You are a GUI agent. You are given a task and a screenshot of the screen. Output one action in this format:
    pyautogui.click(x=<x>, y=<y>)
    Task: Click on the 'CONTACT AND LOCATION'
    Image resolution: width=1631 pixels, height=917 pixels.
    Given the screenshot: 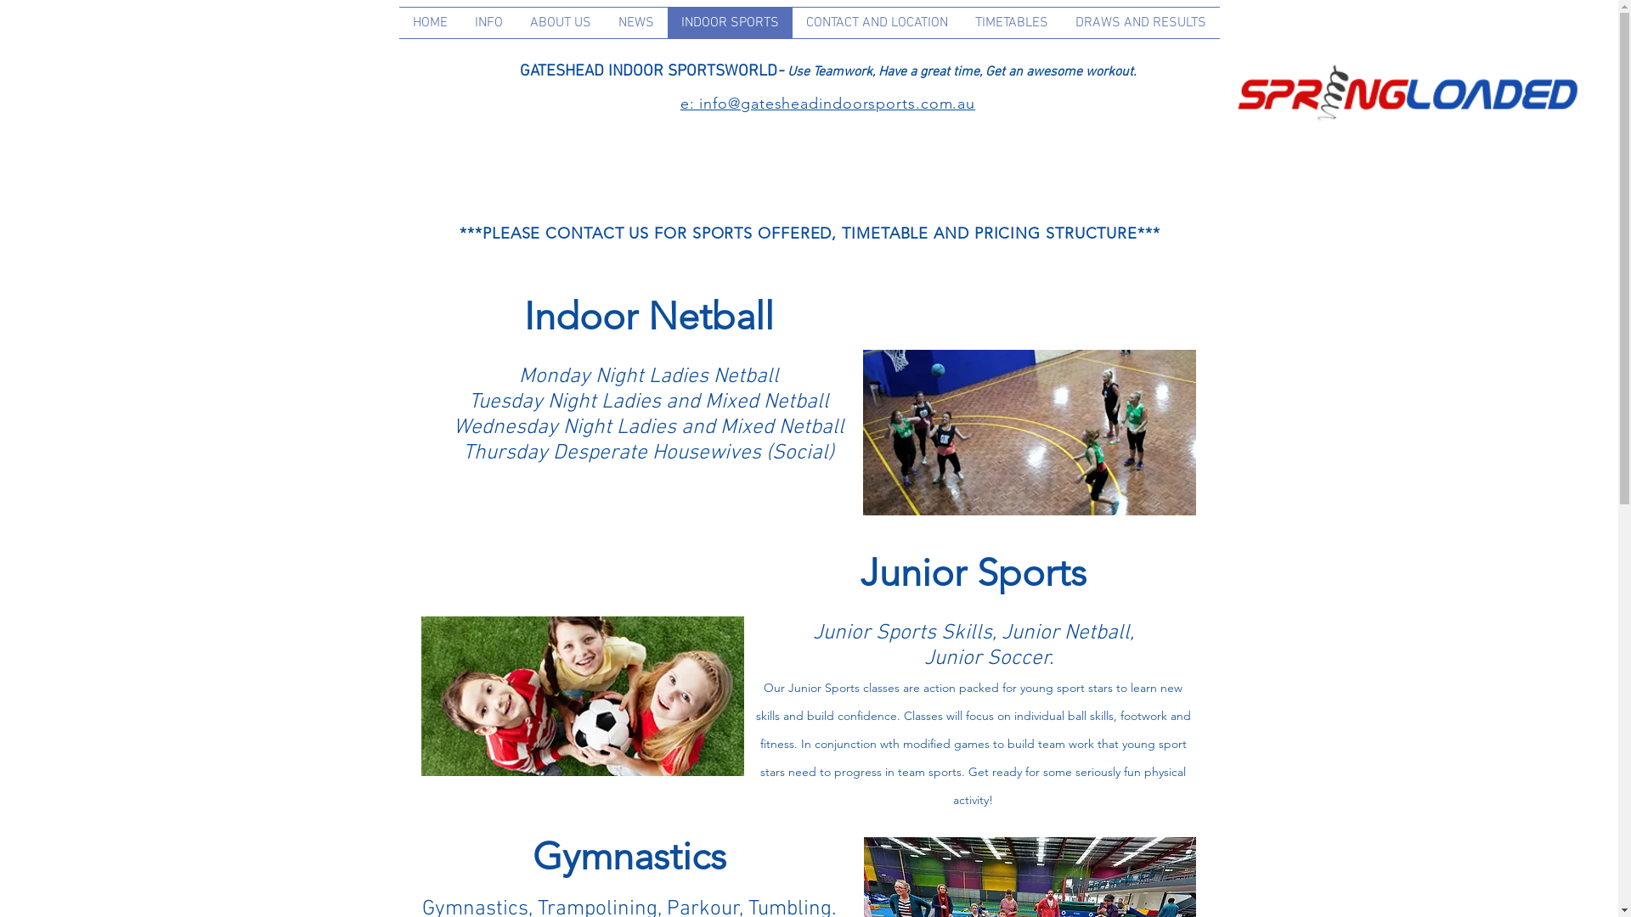 What is the action you would take?
    pyautogui.click(x=876, y=23)
    